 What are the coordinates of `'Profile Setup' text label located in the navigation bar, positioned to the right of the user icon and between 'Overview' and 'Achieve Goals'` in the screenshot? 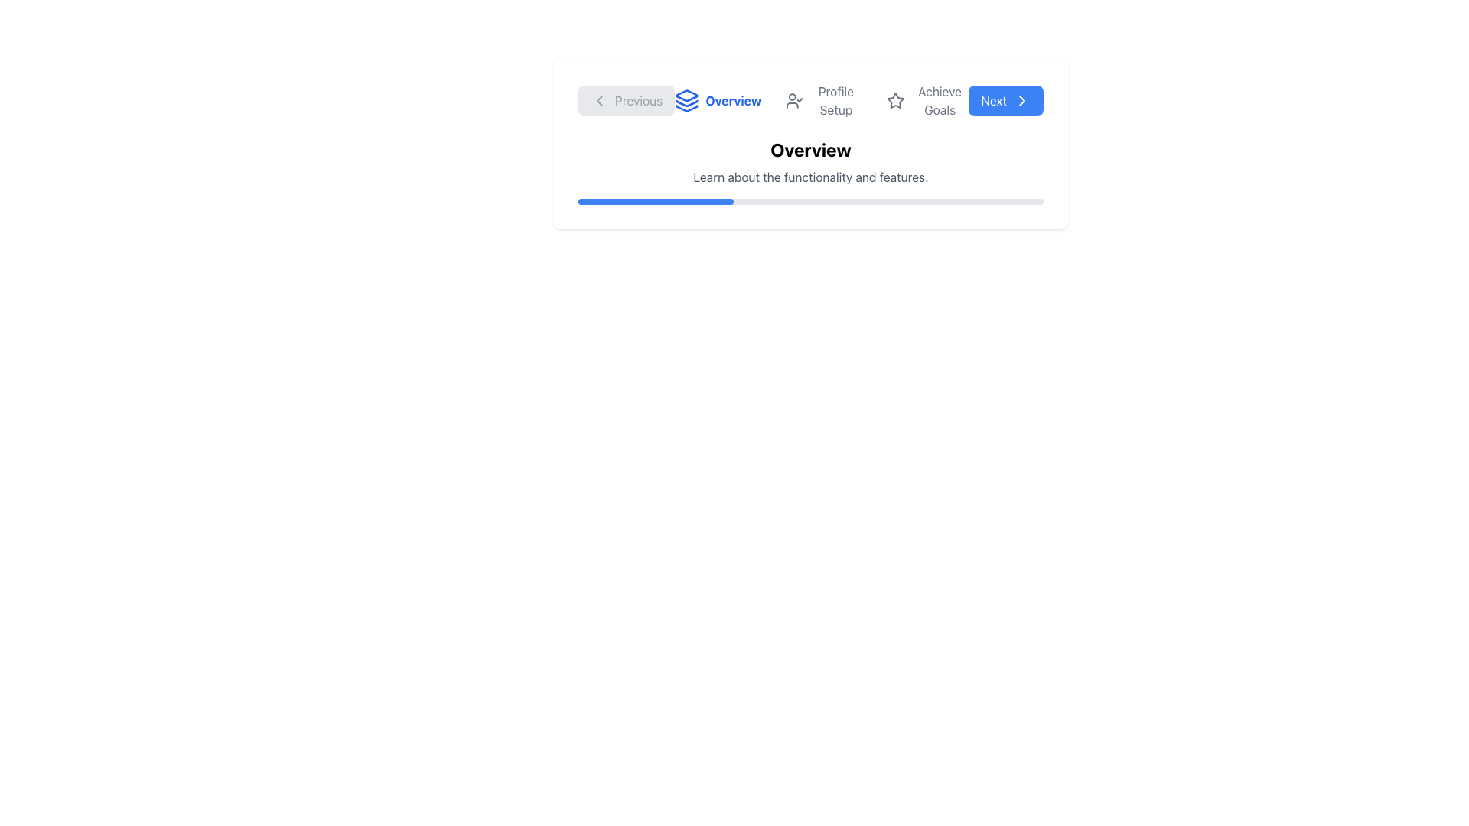 It's located at (835, 100).